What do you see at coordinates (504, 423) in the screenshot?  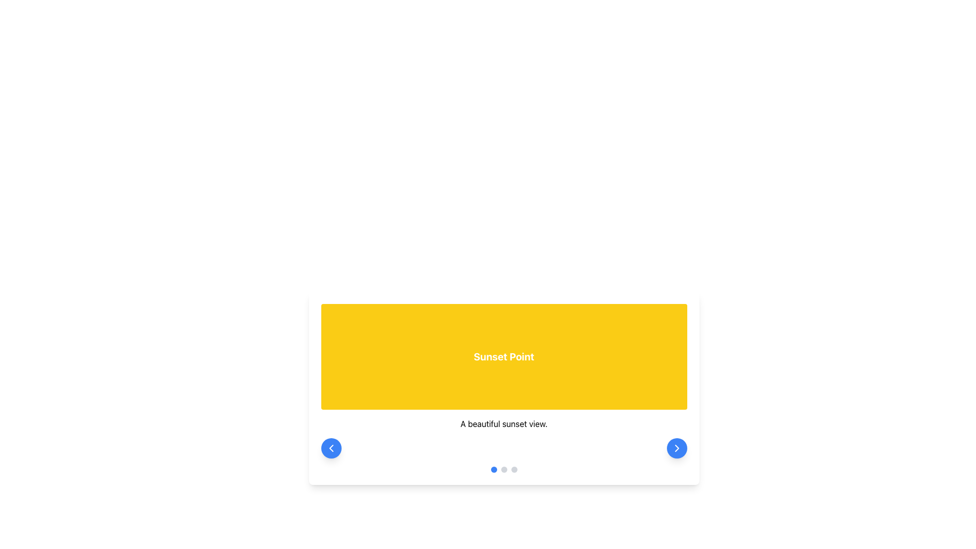 I see `the Text block that provides descriptive text about the visual content displayed above, located beneath the text 'Sunset Point'` at bounding box center [504, 423].